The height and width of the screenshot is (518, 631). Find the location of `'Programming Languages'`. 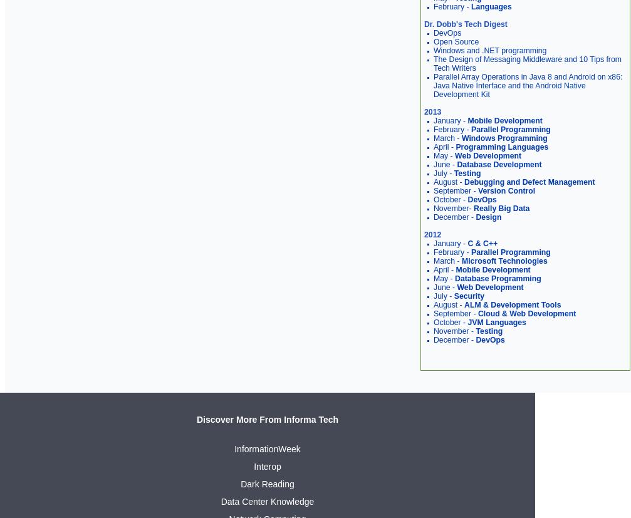

'Programming Languages' is located at coordinates (454, 146).